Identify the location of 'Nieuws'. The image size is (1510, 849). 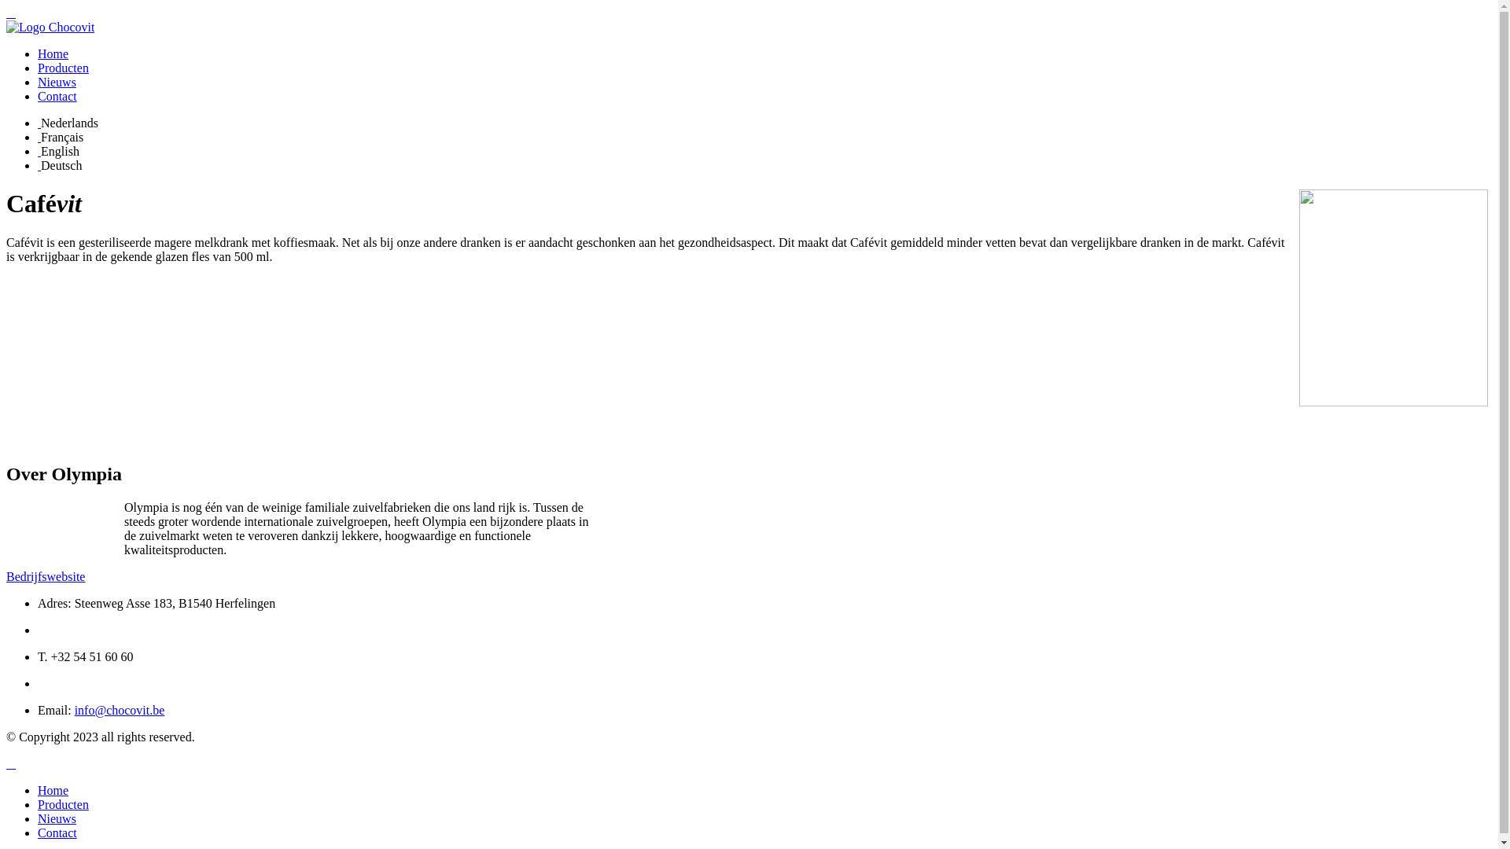
(38, 82).